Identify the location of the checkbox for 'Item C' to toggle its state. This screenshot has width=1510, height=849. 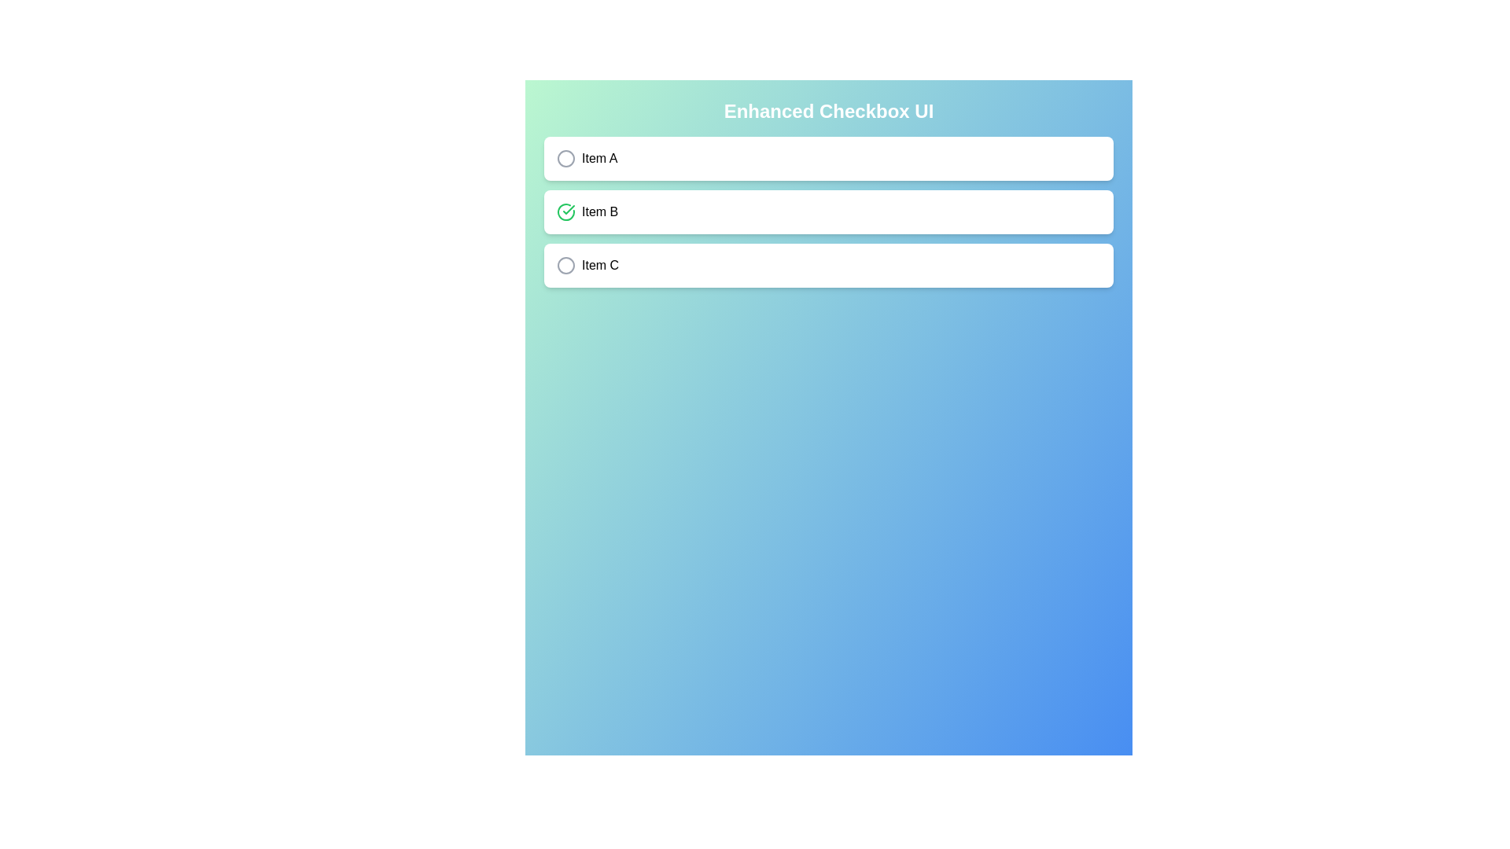
(566, 265).